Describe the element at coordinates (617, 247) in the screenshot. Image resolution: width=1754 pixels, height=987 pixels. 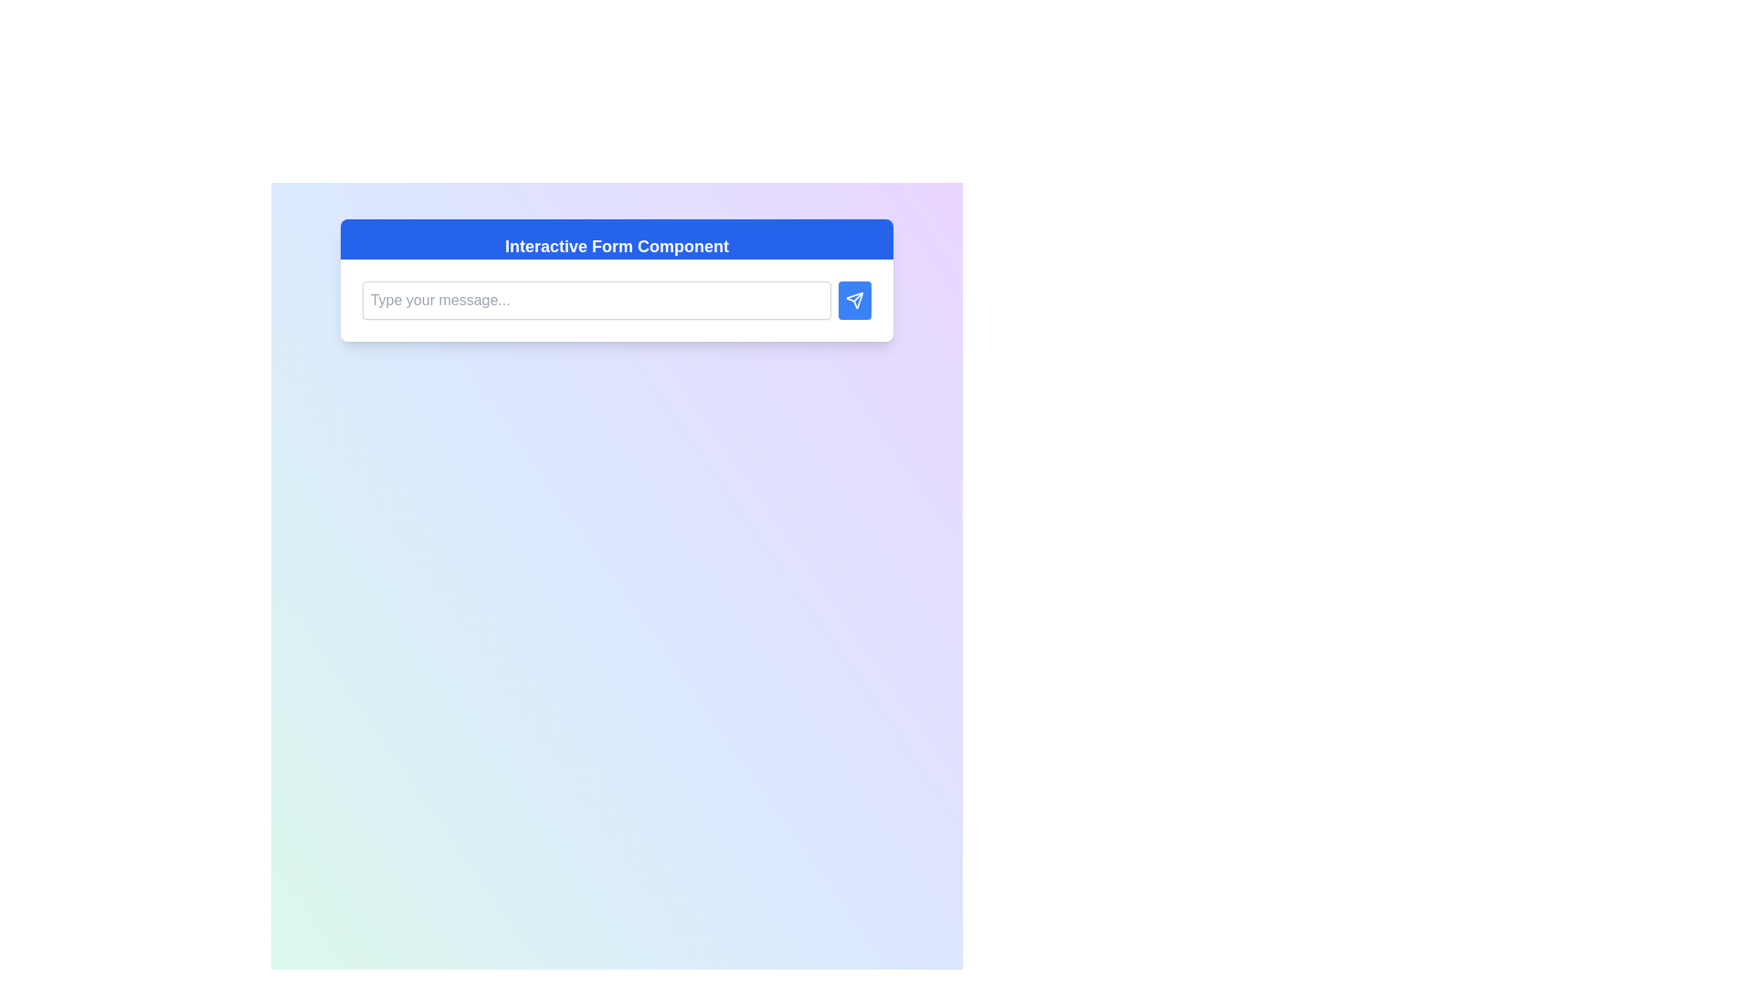
I see `text from the bold, white 'Interactive Form Component' label which is centered in a vivid blue background at the top section of the form component` at that location.